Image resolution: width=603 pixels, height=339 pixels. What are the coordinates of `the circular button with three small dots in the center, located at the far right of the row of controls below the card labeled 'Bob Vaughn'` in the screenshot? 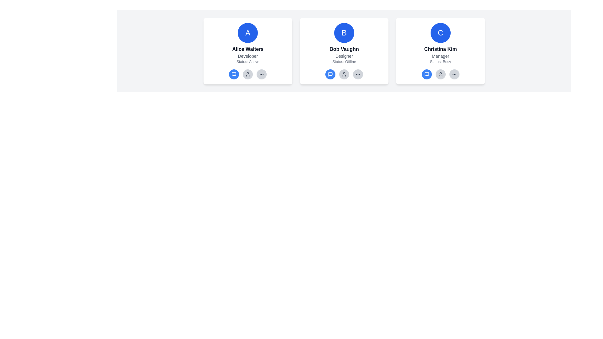 It's located at (358, 74).